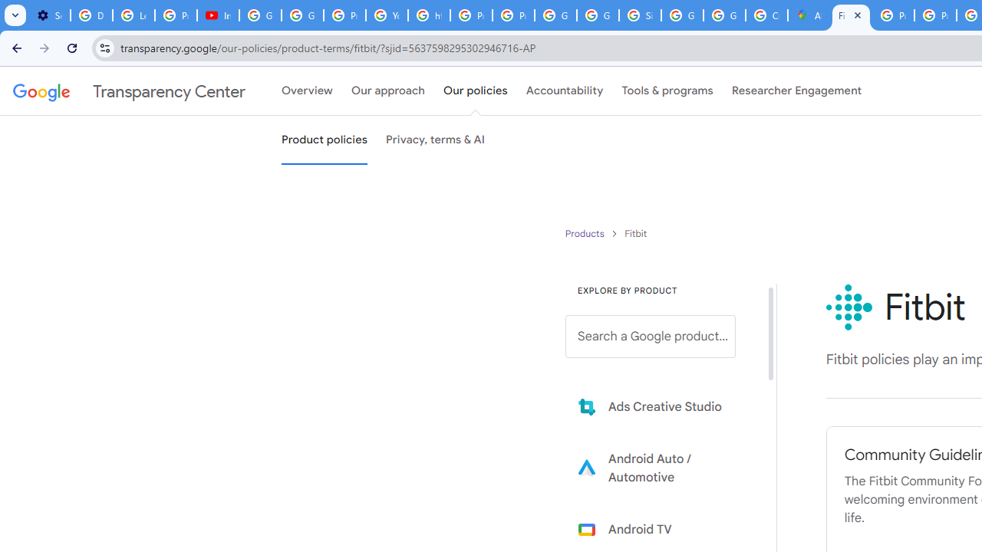  What do you see at coordinates (260, 15) in the screenshot?
I see `'Google Account Help'` at bounding box center [260, 15].